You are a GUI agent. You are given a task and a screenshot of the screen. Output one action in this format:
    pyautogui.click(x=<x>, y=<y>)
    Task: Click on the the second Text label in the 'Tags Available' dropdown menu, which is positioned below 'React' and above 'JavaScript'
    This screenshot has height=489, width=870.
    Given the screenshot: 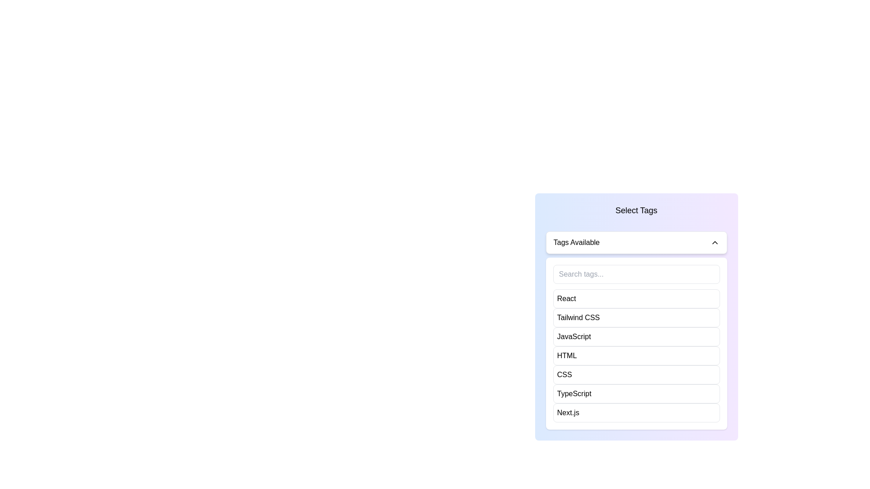 What is the action you would take?
    pyautogui.click(x=578, y=317)
    